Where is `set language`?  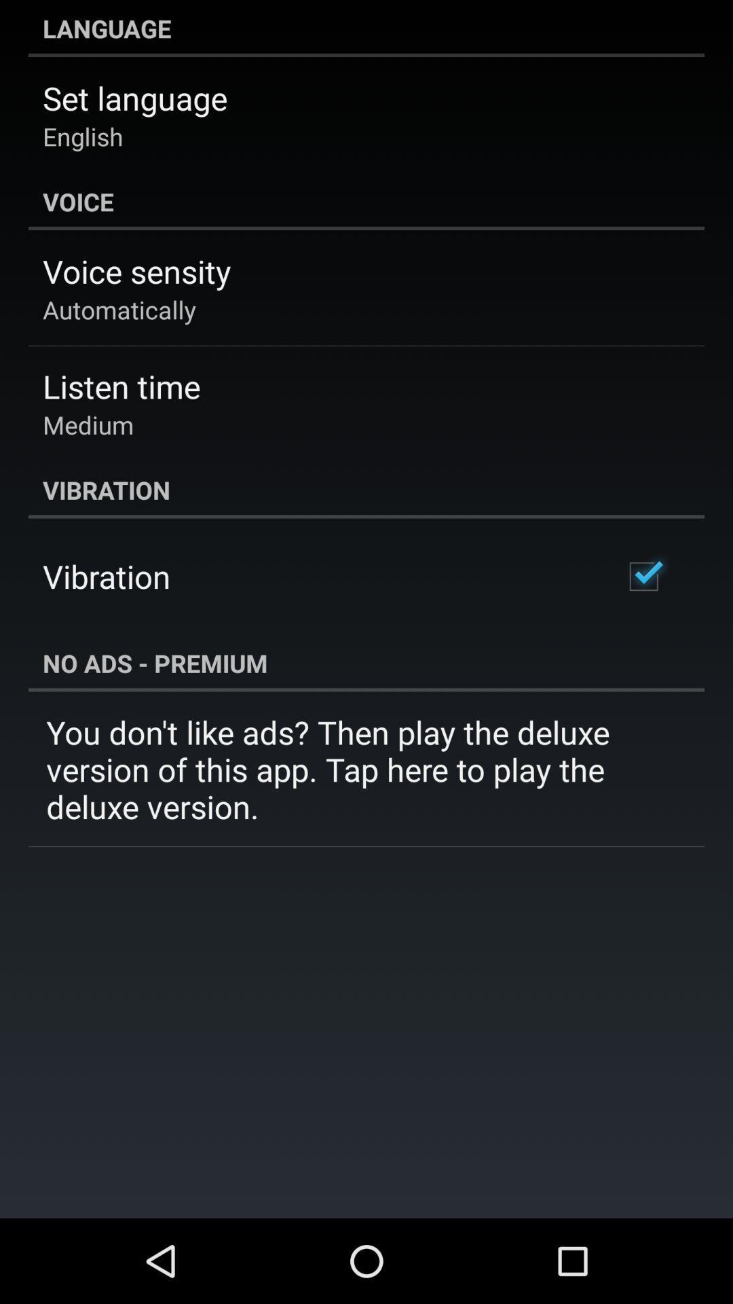 set language is located at coordinates (135, 97).